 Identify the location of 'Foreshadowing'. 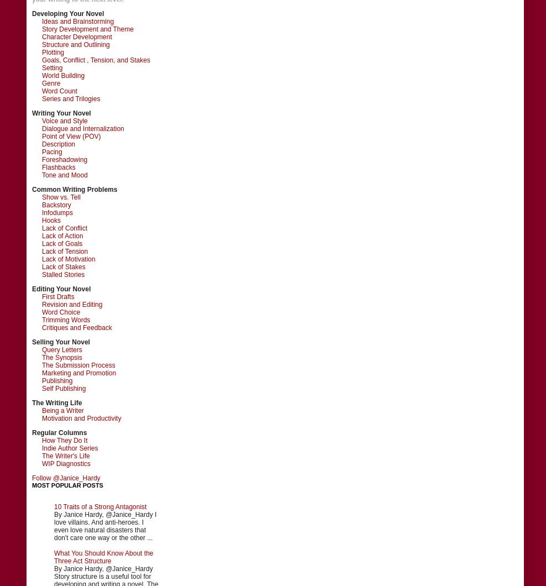
(41, 159).